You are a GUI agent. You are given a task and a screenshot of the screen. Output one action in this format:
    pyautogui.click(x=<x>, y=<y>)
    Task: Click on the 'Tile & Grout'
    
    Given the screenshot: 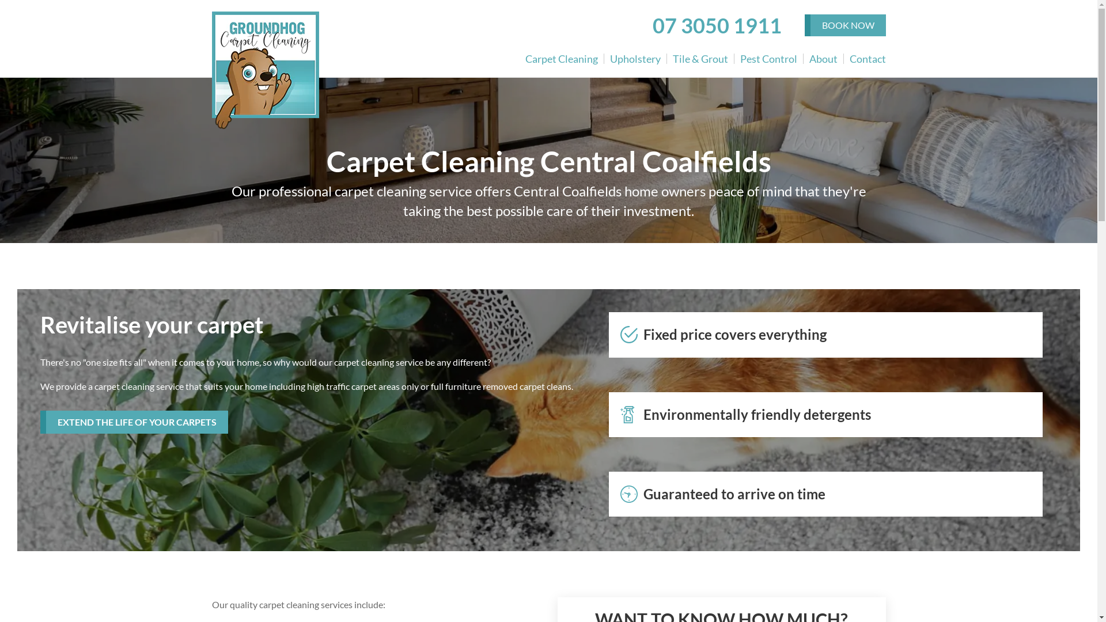 What is the action you would take?
    pyautogui.click(x=700, y=58)
    